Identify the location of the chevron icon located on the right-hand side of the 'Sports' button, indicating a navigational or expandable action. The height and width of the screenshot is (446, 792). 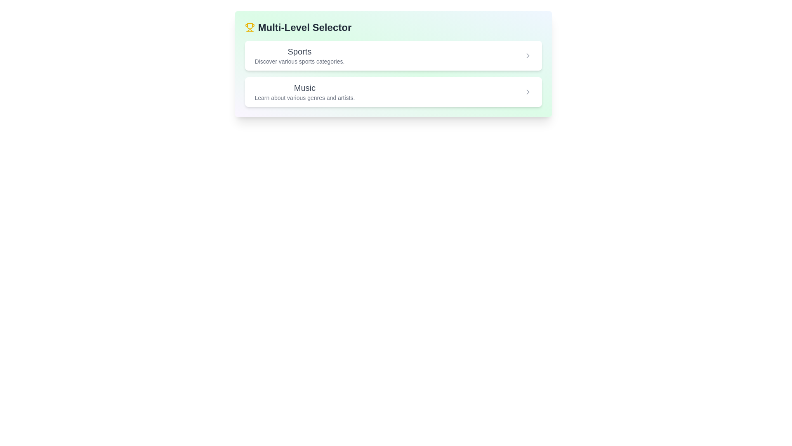
(527, 56).